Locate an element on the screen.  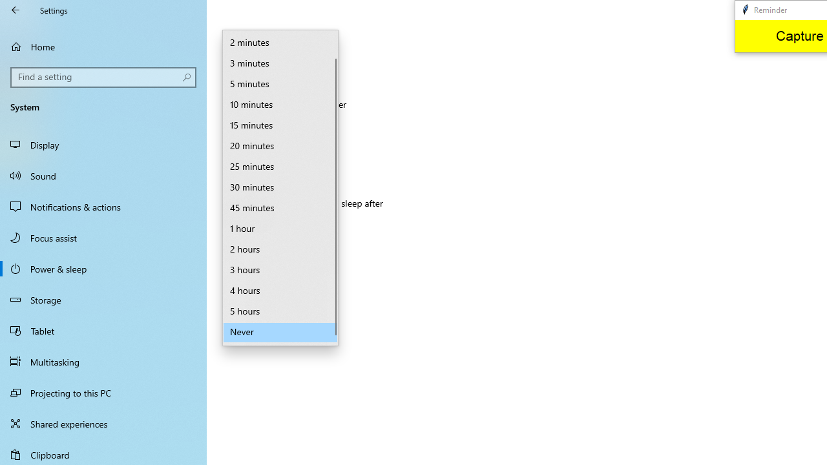
'5 minutes' is located at coordinates (280, 85).